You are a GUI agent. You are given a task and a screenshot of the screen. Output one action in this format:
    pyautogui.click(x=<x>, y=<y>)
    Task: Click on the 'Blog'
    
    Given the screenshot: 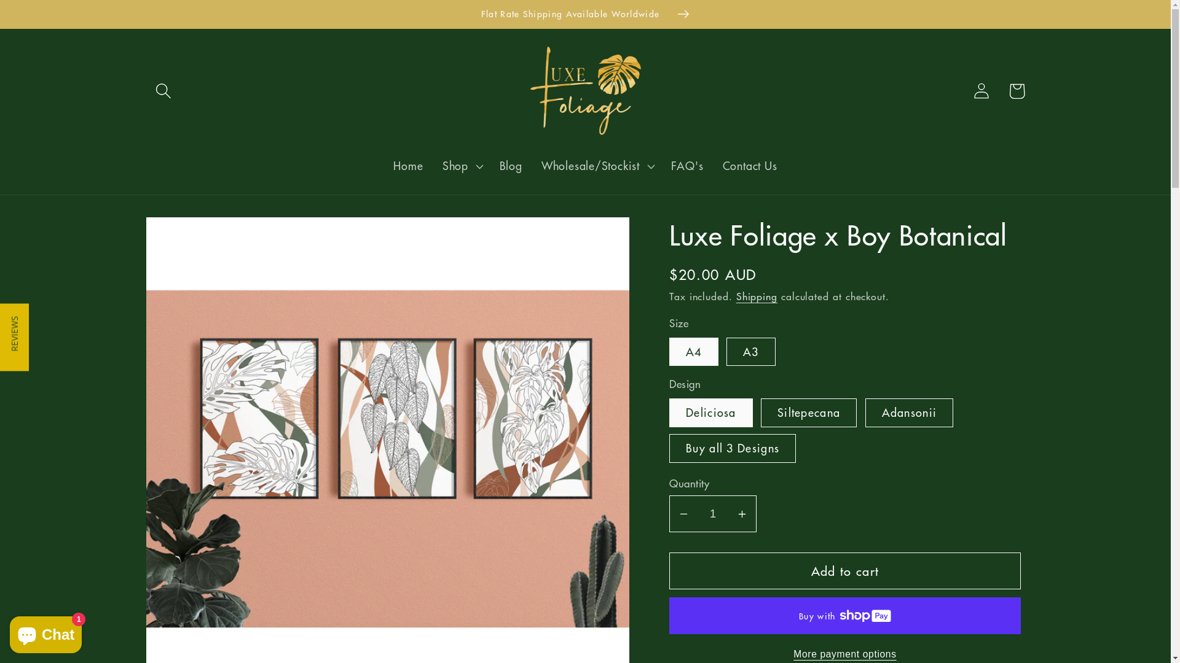 What is the action you would take?
    pyautogui.click(x=510, y=166)
    